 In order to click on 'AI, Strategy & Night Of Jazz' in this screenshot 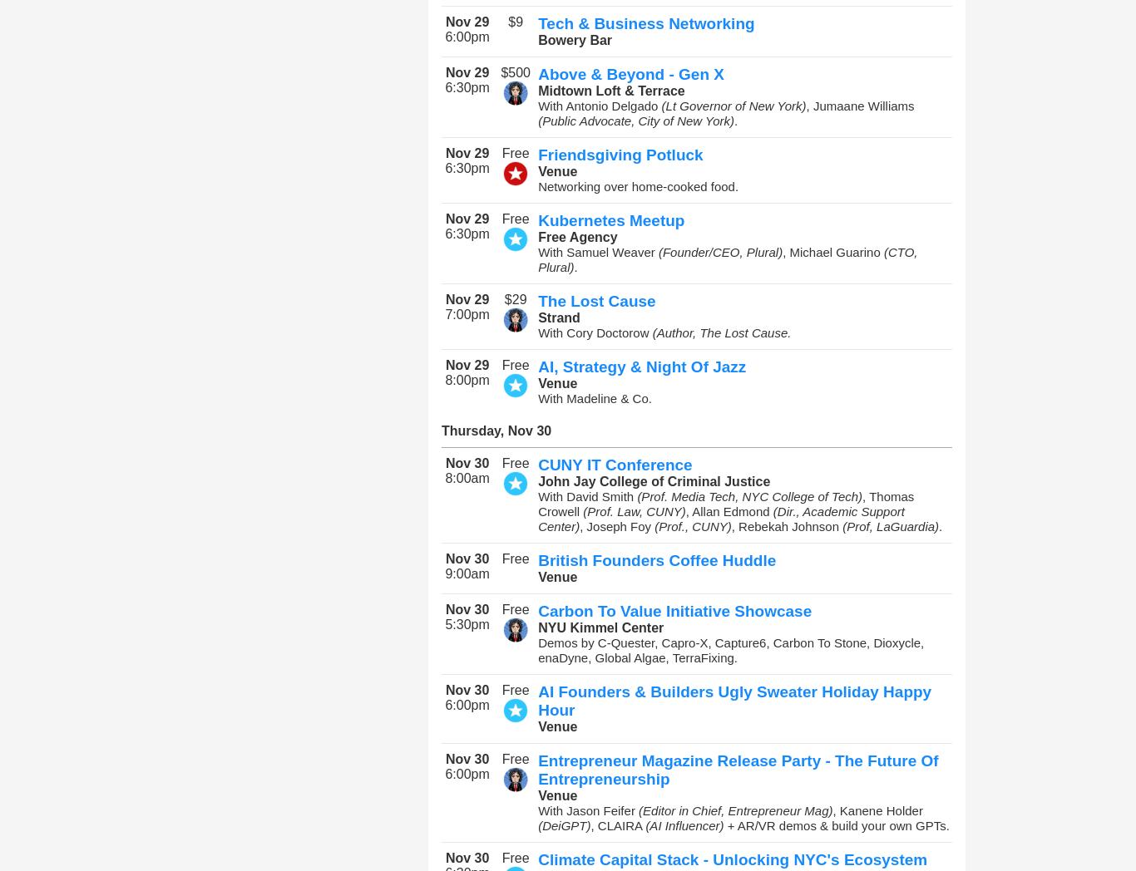, I will do `click(642, 366)`.